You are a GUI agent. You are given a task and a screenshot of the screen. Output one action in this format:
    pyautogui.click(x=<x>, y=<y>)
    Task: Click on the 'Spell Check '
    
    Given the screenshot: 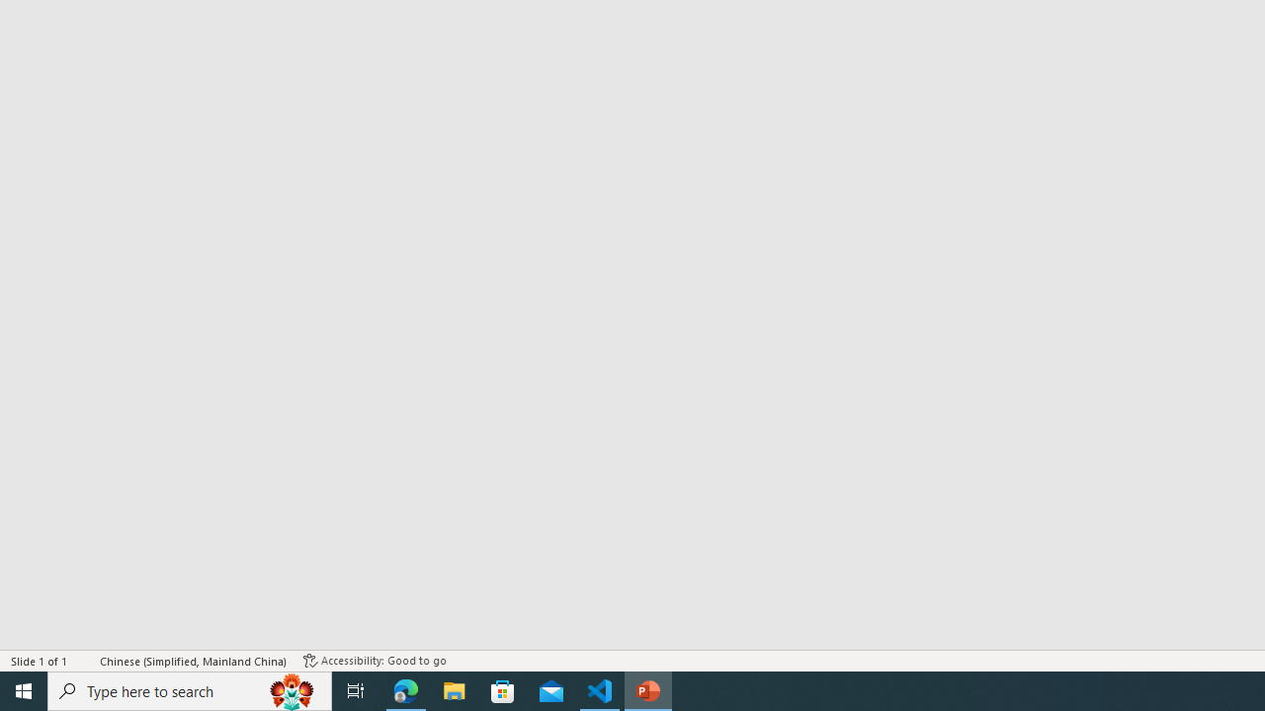 What is the action you would take?
    pyautogui.click(x=84, y=661)
    